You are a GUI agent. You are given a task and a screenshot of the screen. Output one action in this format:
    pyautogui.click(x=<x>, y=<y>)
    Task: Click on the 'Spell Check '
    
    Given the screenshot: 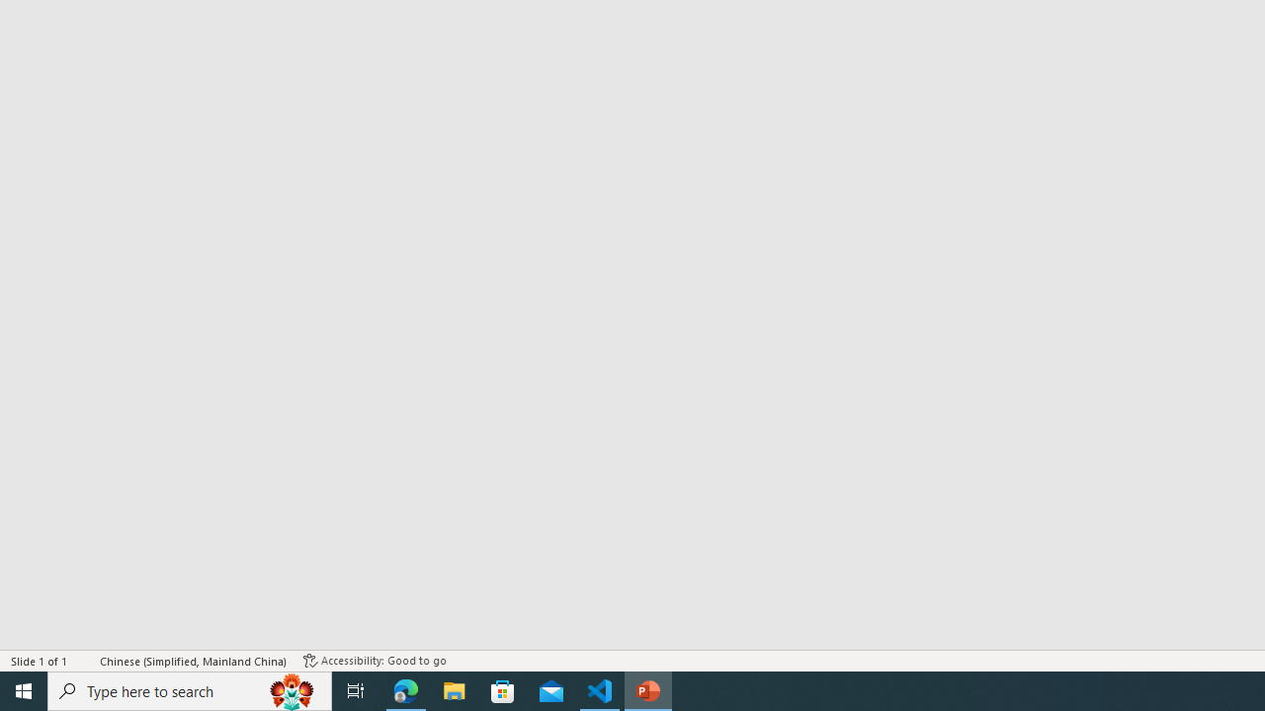 What is the action you would take?
    pyautogui.click(x=84, y=661)
    